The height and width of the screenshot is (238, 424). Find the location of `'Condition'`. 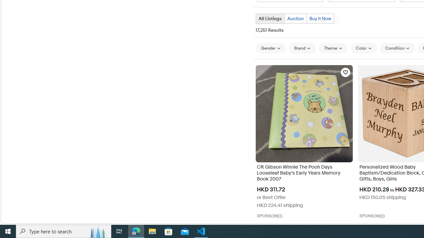

'Condition' is located at coordinates (397, 48).